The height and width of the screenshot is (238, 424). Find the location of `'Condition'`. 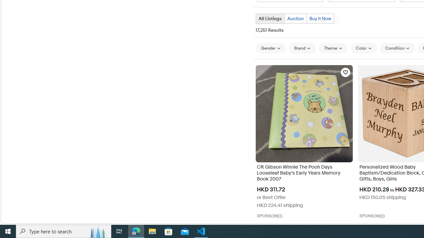

'Condition' is located at coordinates (397, 48).